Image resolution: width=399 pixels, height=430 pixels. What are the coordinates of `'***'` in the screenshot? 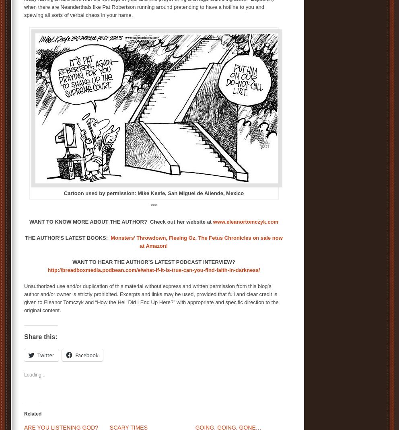 It's located at (154, 205).